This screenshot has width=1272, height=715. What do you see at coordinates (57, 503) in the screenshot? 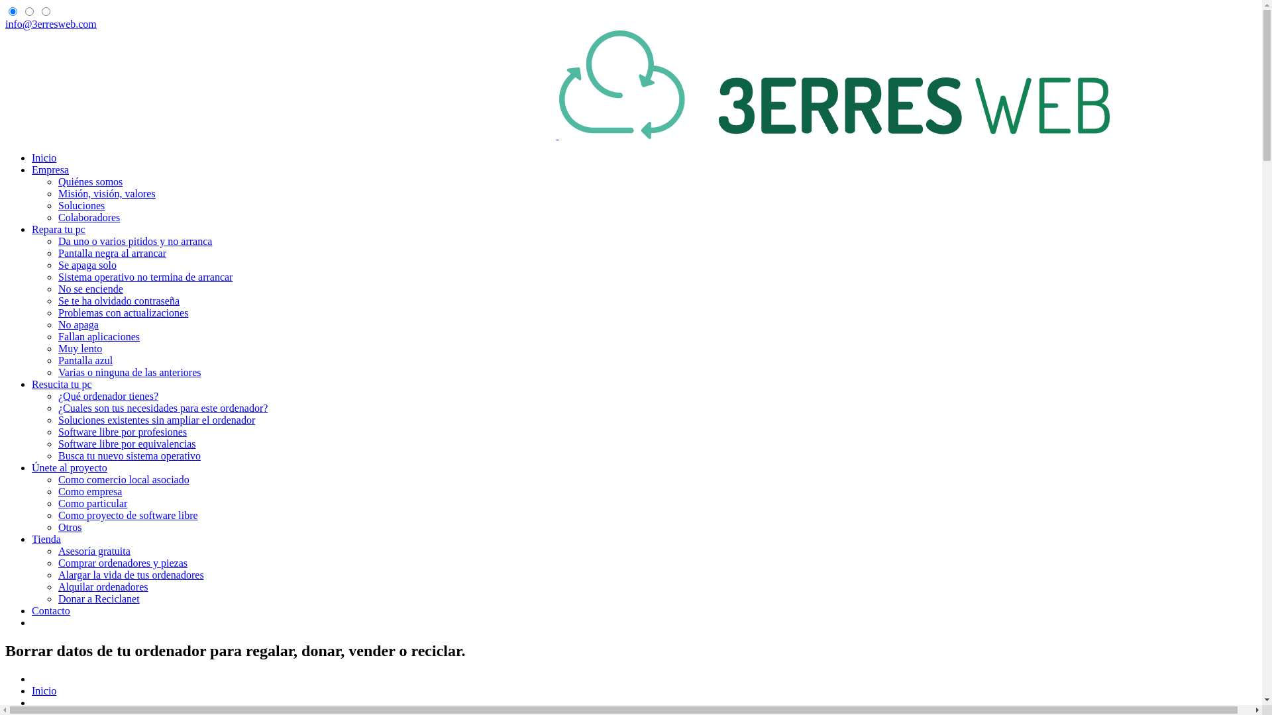
I see `'Como particular'` at bounding box center [57, 503].